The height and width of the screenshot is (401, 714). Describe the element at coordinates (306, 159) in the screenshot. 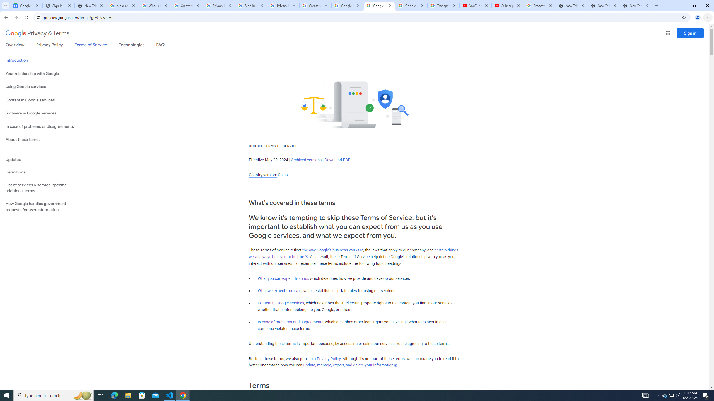

I see `'Archived versions'` at that location.